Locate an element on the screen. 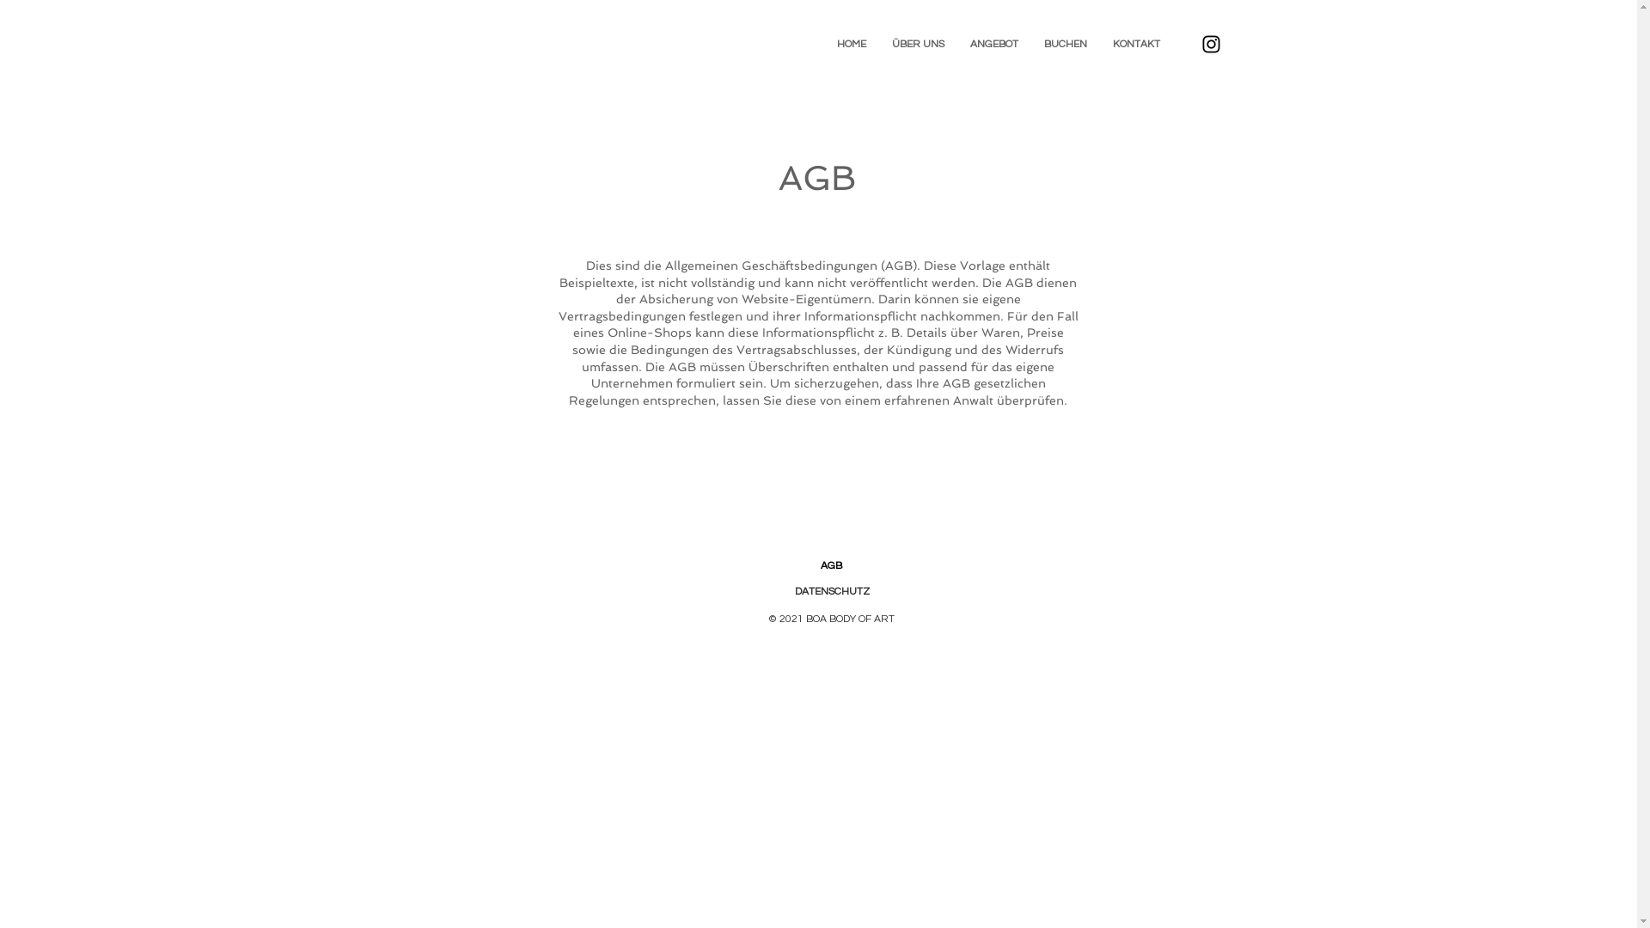 The height and width of the screenshot is (928, 1650). 'DATENSCHUTZ' is located at coordinates (793, 590).